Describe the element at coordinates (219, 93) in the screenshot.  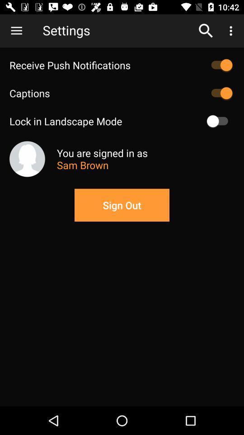
I see `on or off` at that location.